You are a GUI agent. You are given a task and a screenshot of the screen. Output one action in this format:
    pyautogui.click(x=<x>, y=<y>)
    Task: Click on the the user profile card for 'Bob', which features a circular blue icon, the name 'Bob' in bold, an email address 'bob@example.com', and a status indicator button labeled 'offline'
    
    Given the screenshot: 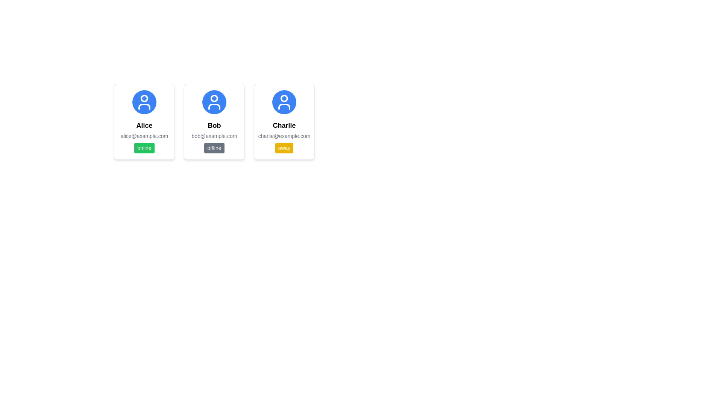 What is the action you would take?
    pyautogui.click(x=214, y=121)
    